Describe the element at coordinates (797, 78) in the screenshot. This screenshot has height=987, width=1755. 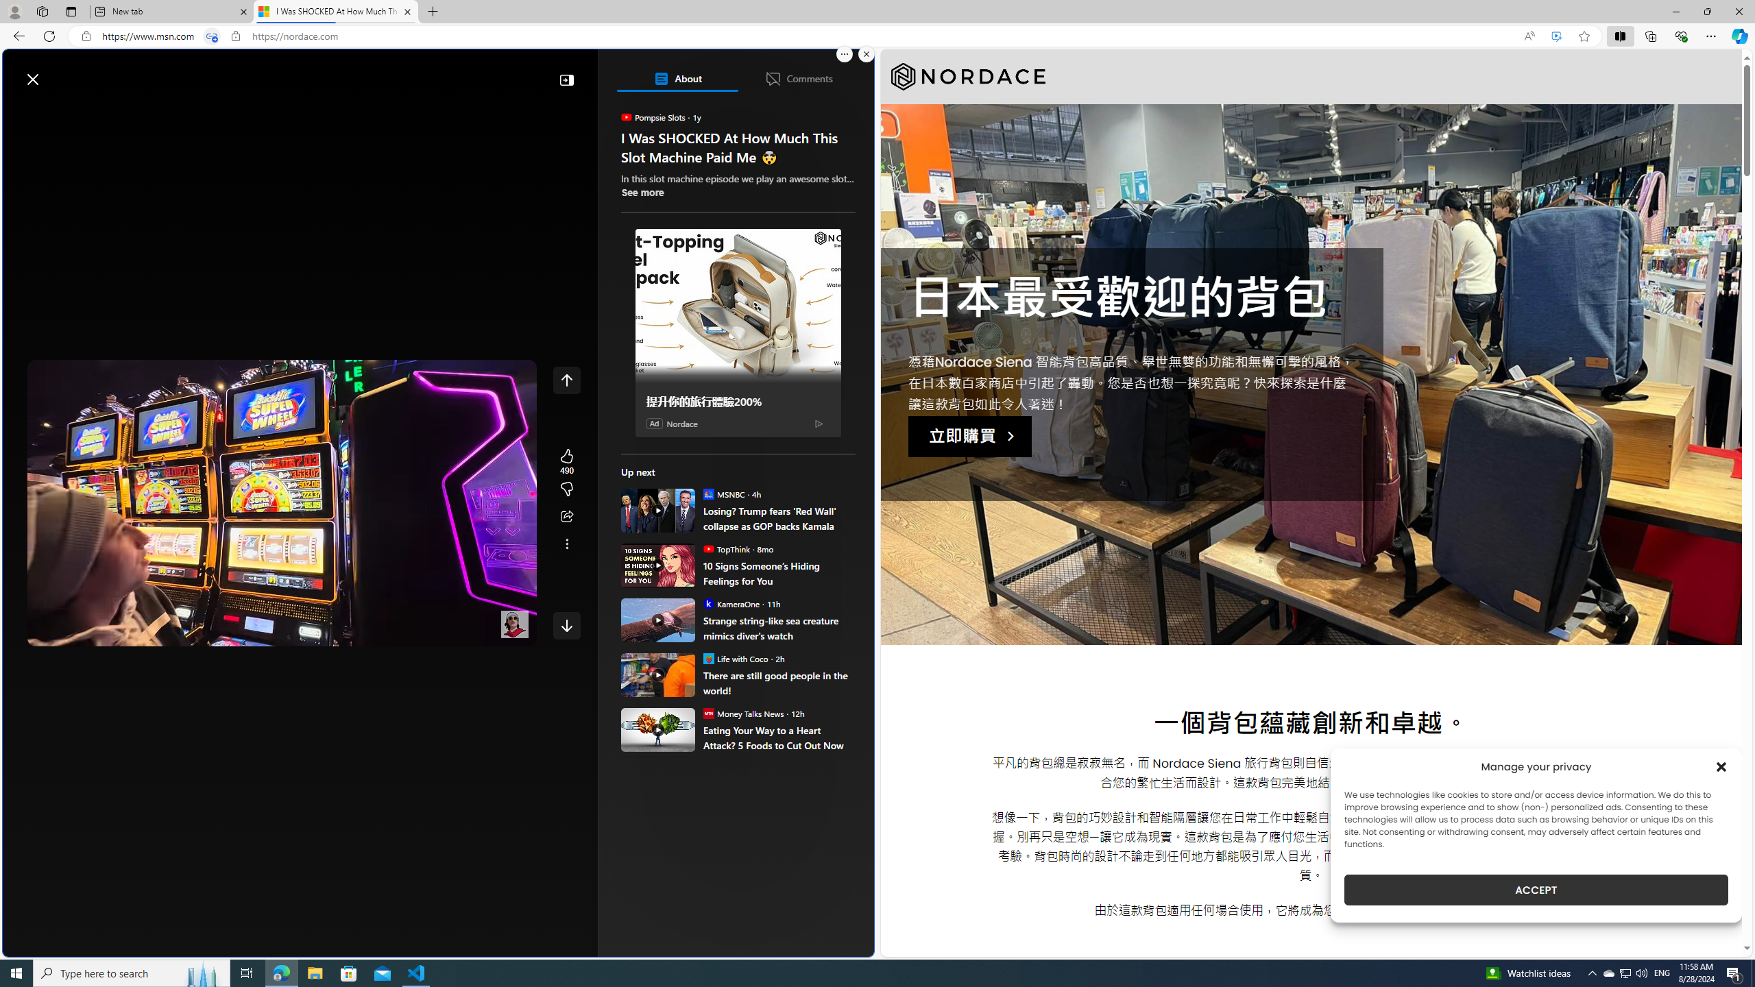
I see `'Comments'` at that location.